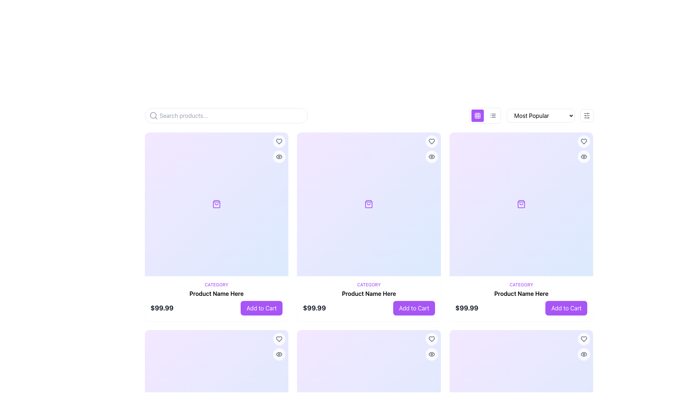 The image size is (699, 393). What do you see at coordinates (216, 226) in the screenshot?
I see `the Product Card, which is the first card in the grid layout with a white background and rounded rectangular design, located at the top-left corner of the grid` at bounding box center [216, 226].